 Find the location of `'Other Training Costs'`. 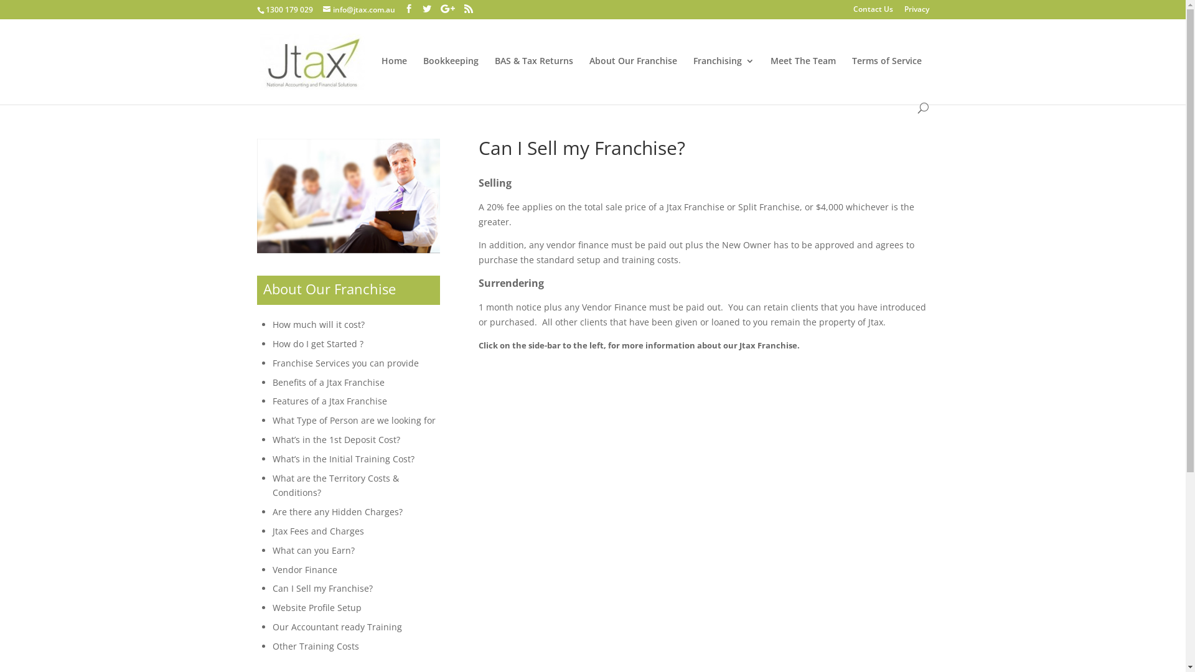

'Other Training Costs' is located at coordinates (316, 645).